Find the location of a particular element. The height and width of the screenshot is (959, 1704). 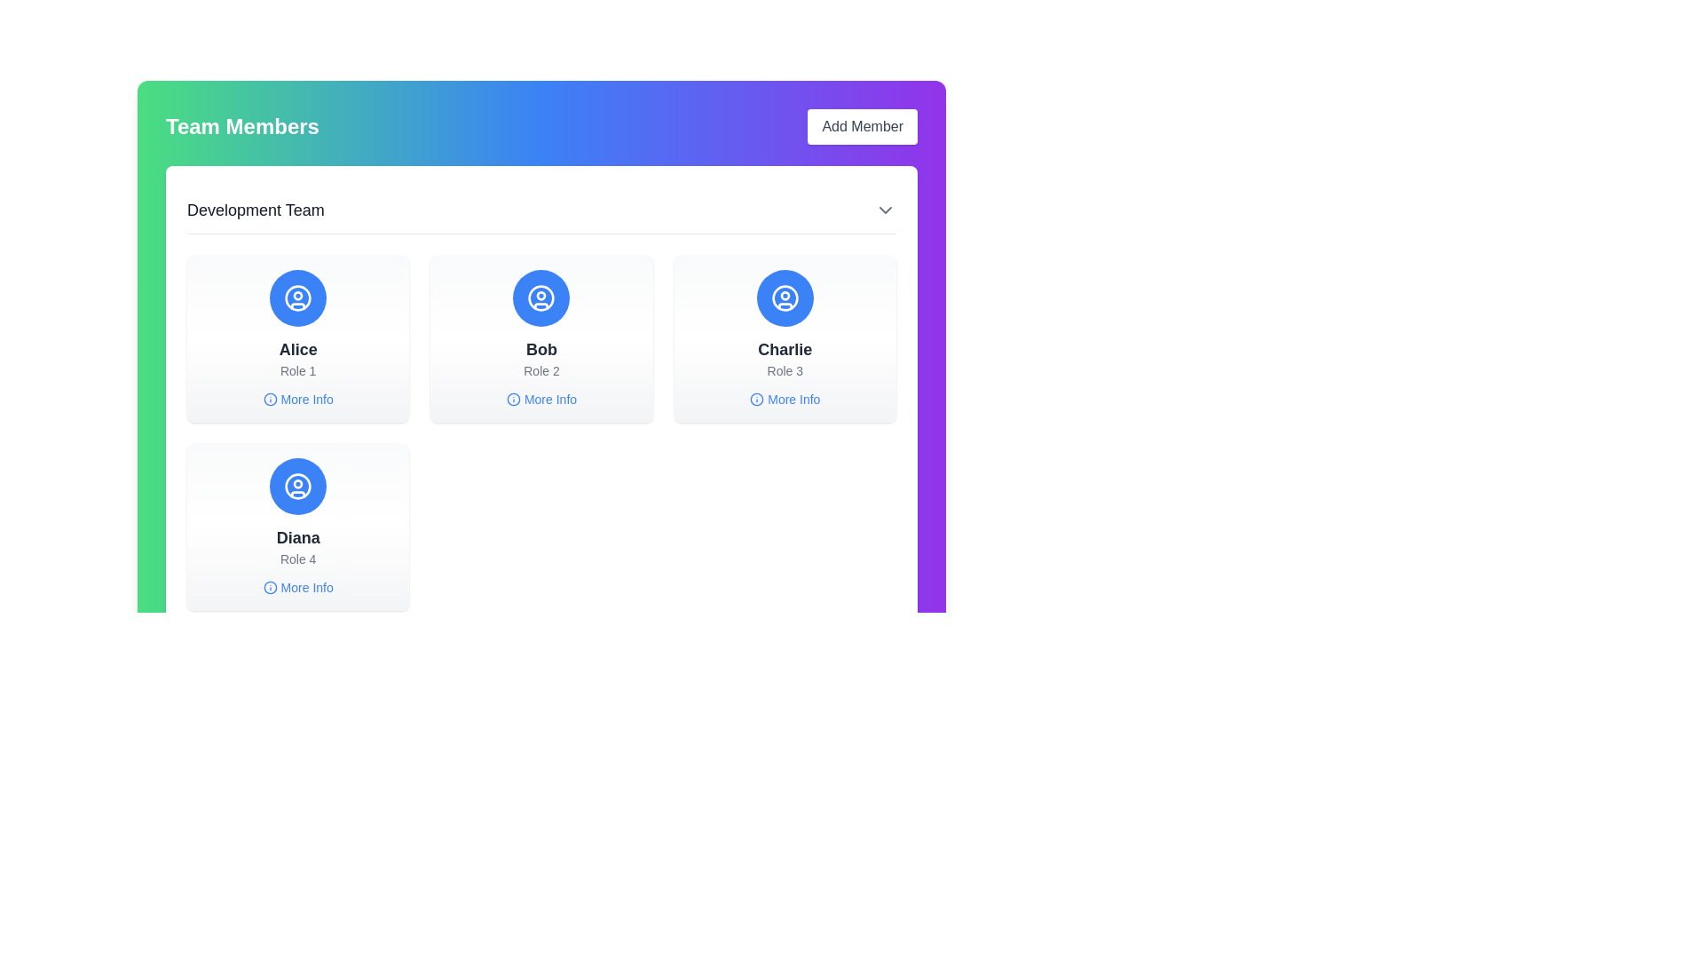

the blue text link labeled 'More Info' with an icon, located at the bottom center of a user profile card is located at coordinates (540, 400).